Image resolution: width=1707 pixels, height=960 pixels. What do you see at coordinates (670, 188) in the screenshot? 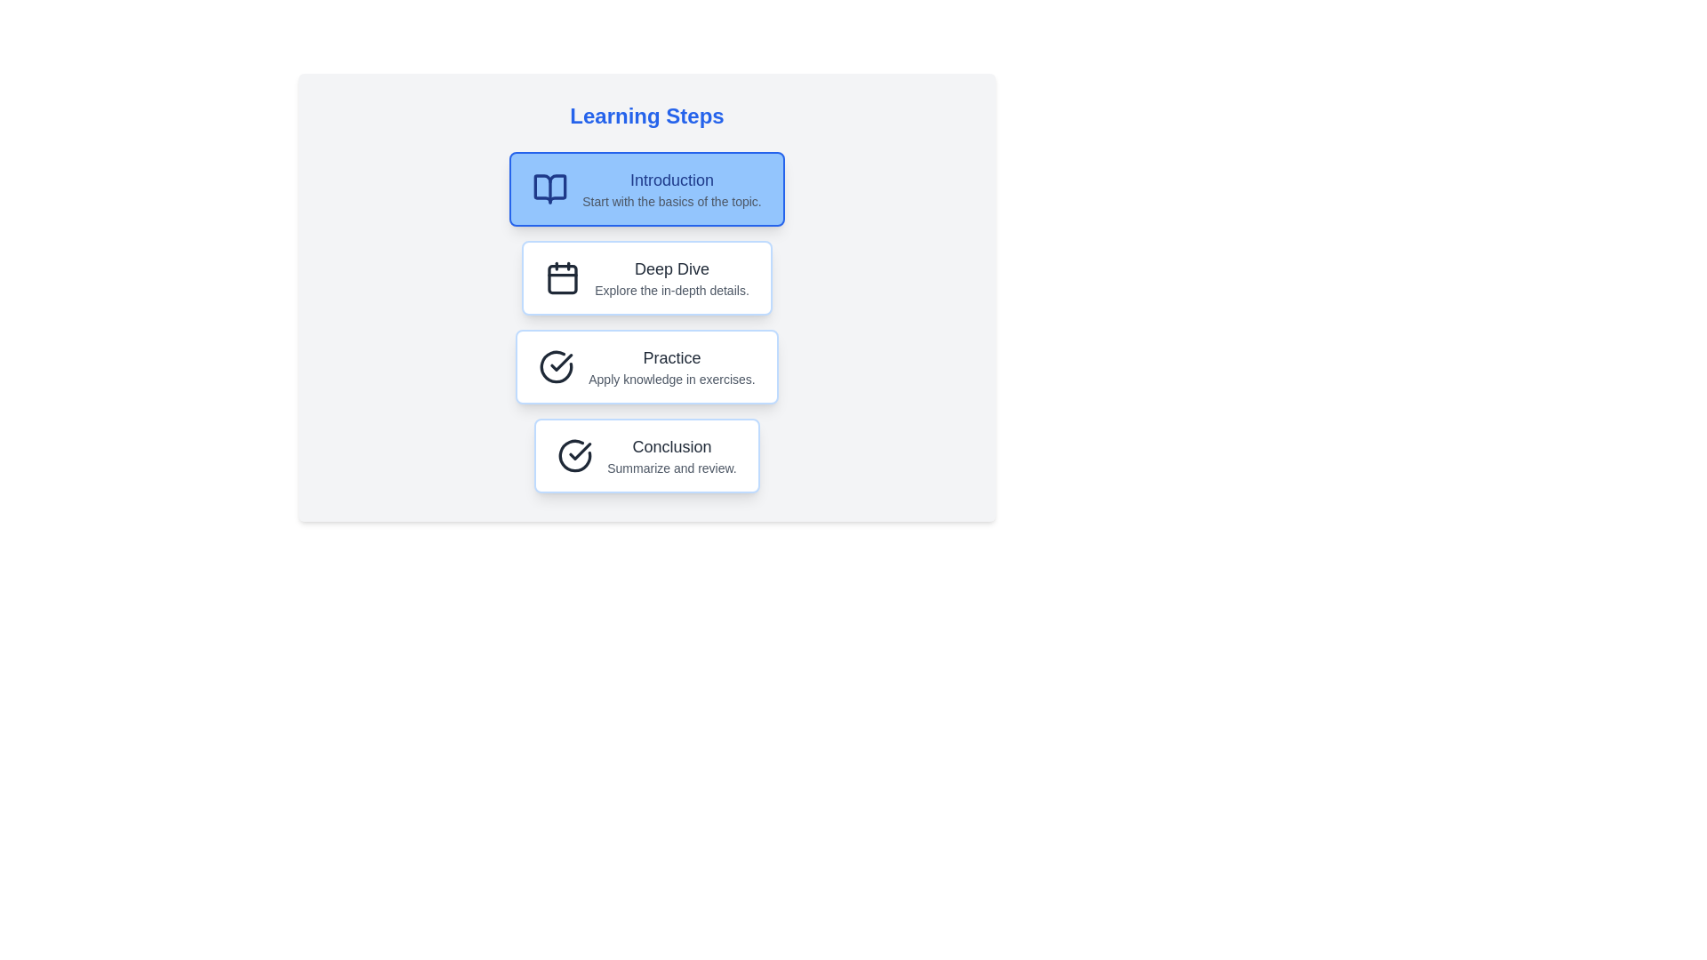
I see `the text-based UI element serving as a header and description for the introductory step in the learning process, located at the top of a vertical list in a light blue rectangular section, to access adjacent elements labeled 'Deep Dive,' 'Practice,' and 'Conclusion.'` at bounding box center [670, 188].